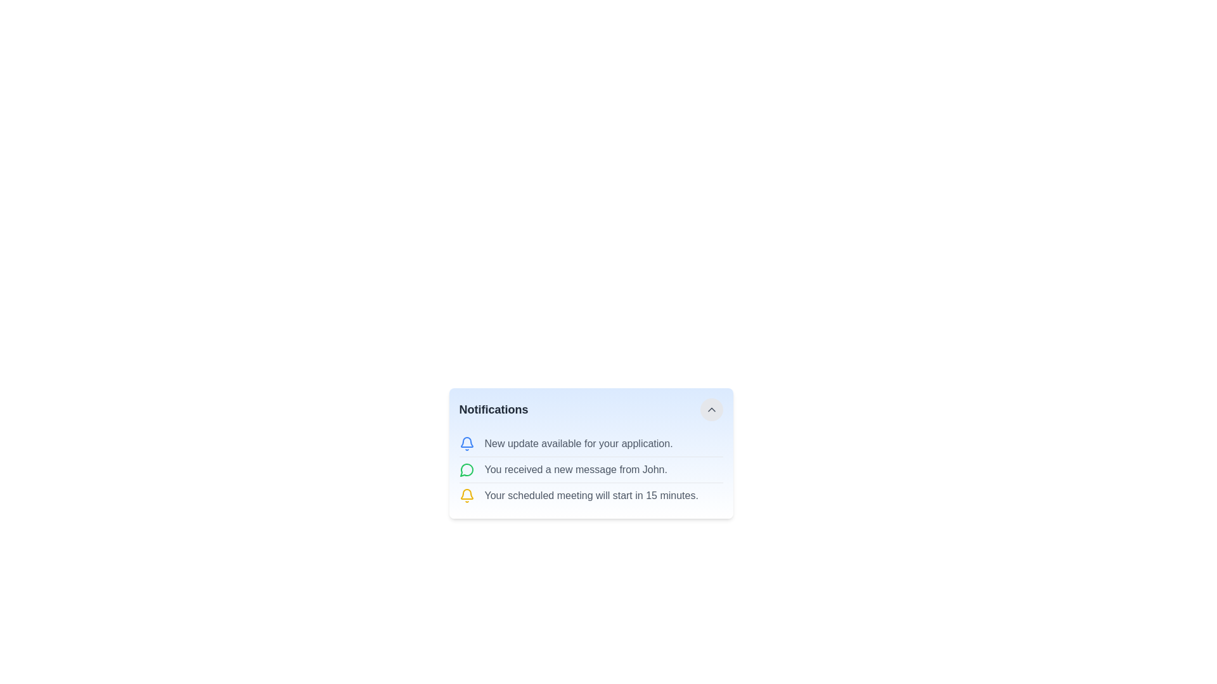 This screenshot has width=1217, height=684. Describe the element at coordinates (590, 495) in the screenshot. I see `notification content that displays 'Your scheduled meeting will start in 15 minutes.' from the notification panel, which includes a yellow bell icon and gray styled text` at that location.